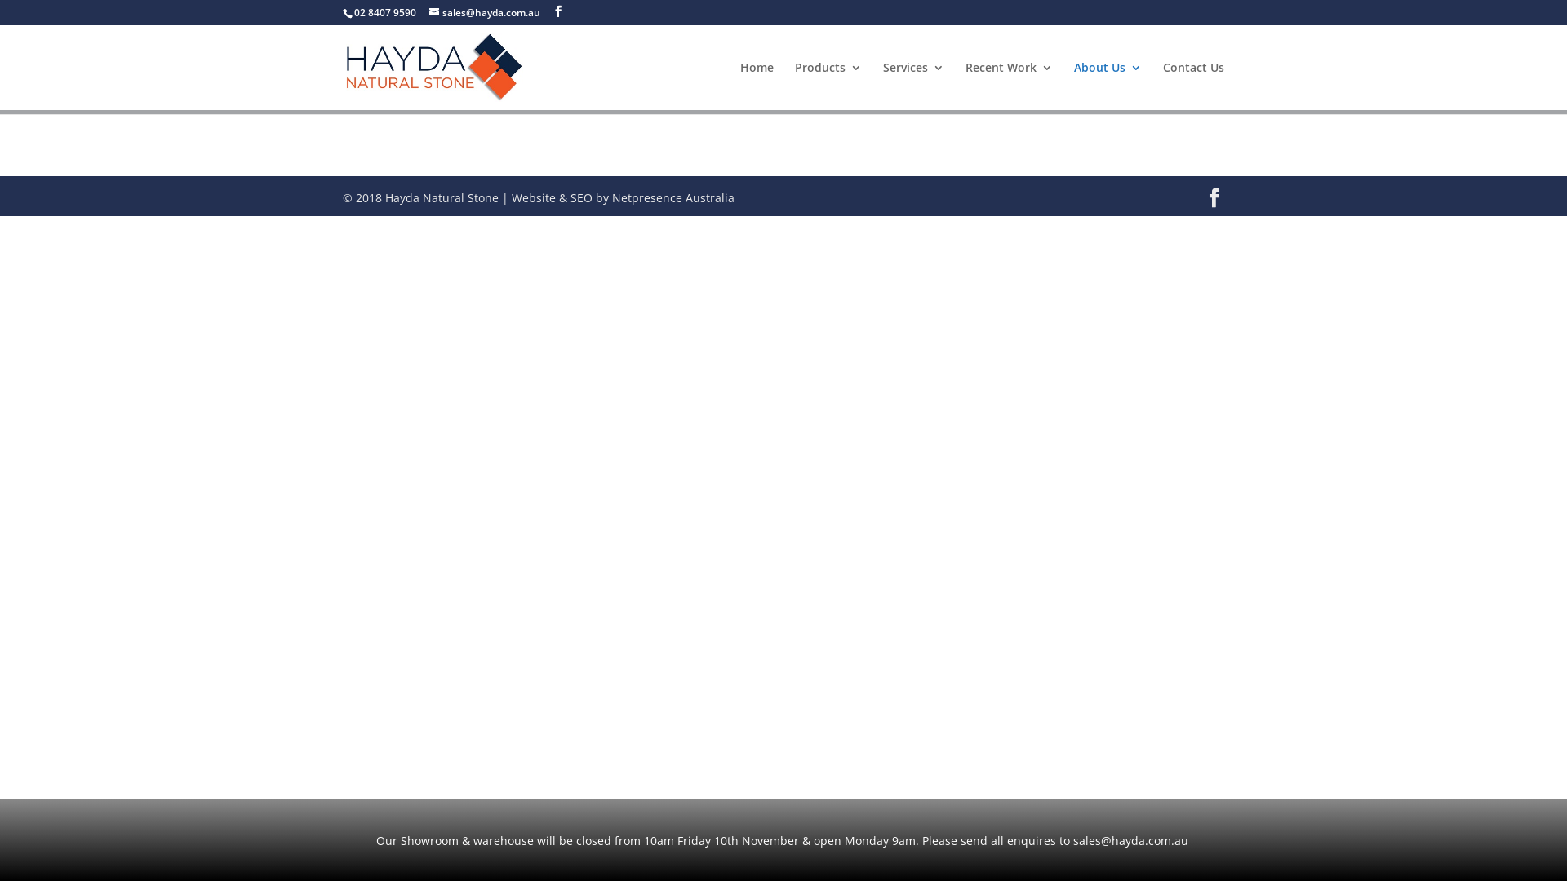 The width and height of the screenshot is (1567, 881). I want to click on 'Recent Work', so click(1008, 86).